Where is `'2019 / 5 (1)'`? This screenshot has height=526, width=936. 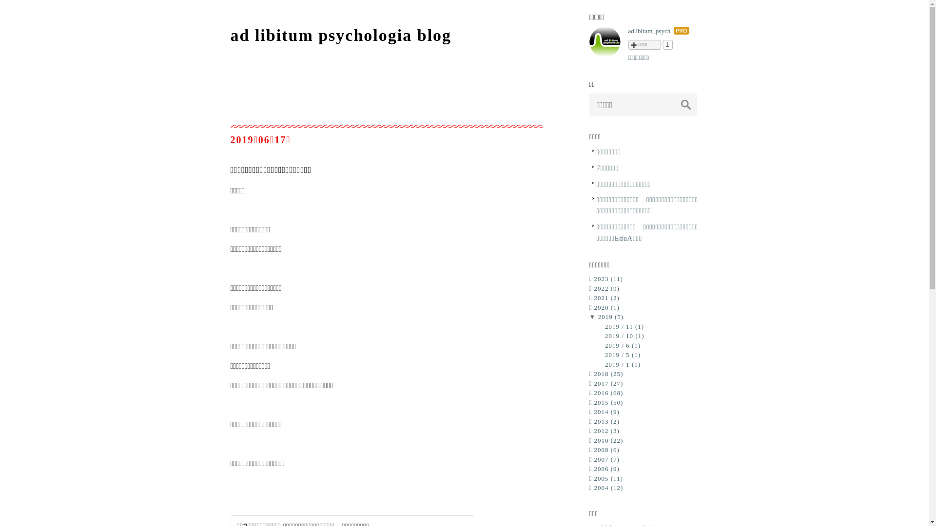 '2019 / 5 (1)' is located at coordinates (622, 355).